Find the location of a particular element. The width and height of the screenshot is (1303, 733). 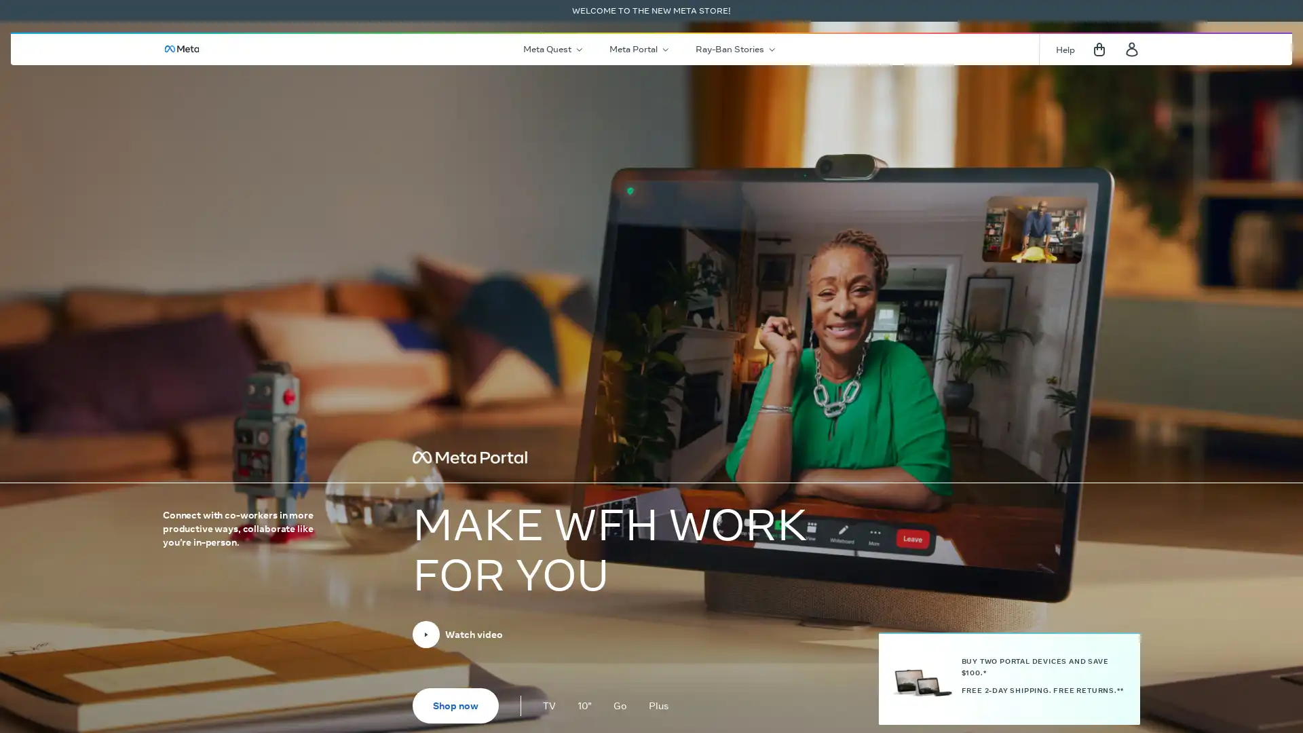

View bag items is located at coordinates (1099, 48).